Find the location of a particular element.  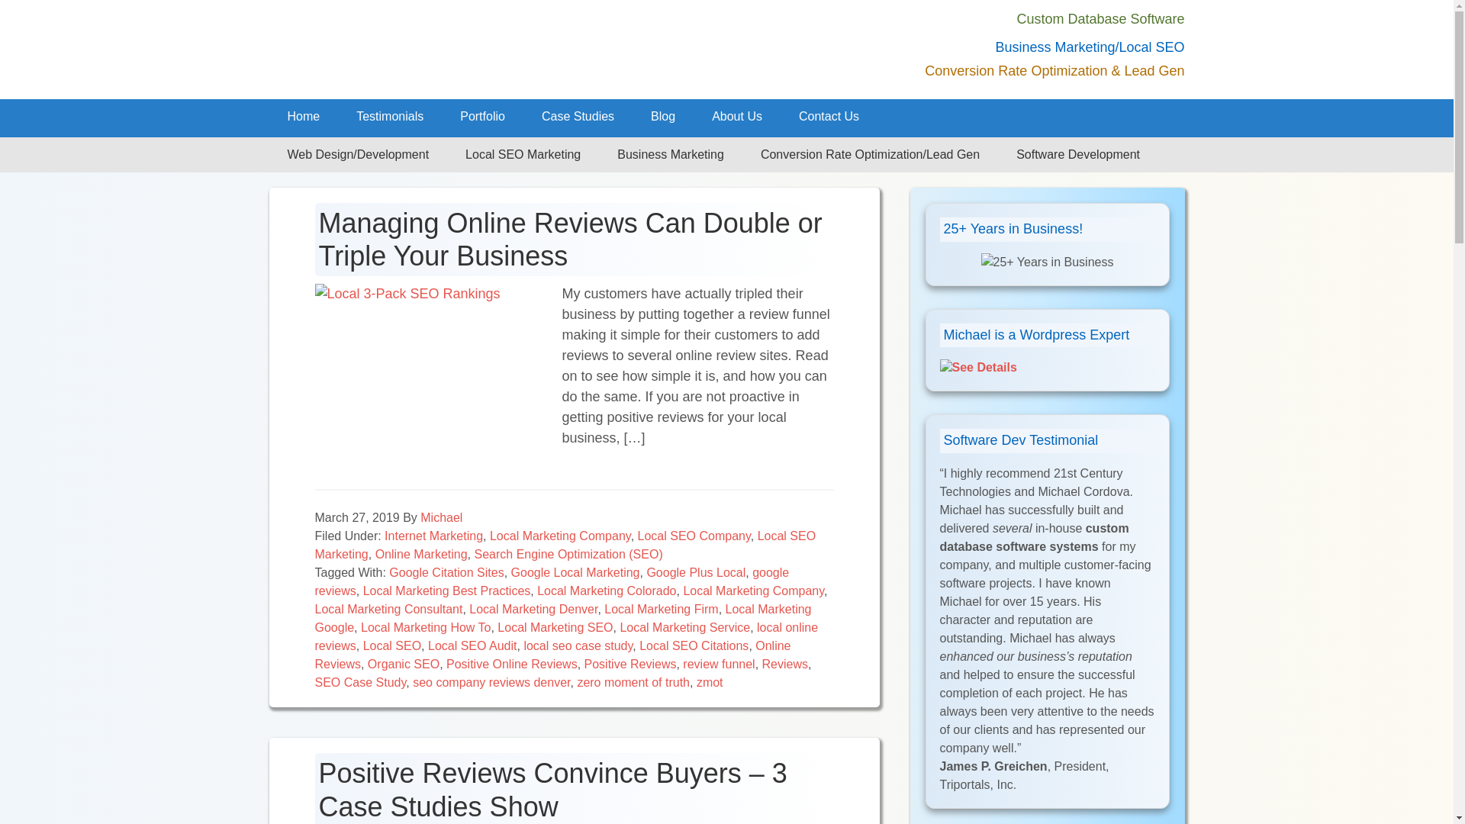

'Local SEO Audit' is located at coordinates (472, 645).